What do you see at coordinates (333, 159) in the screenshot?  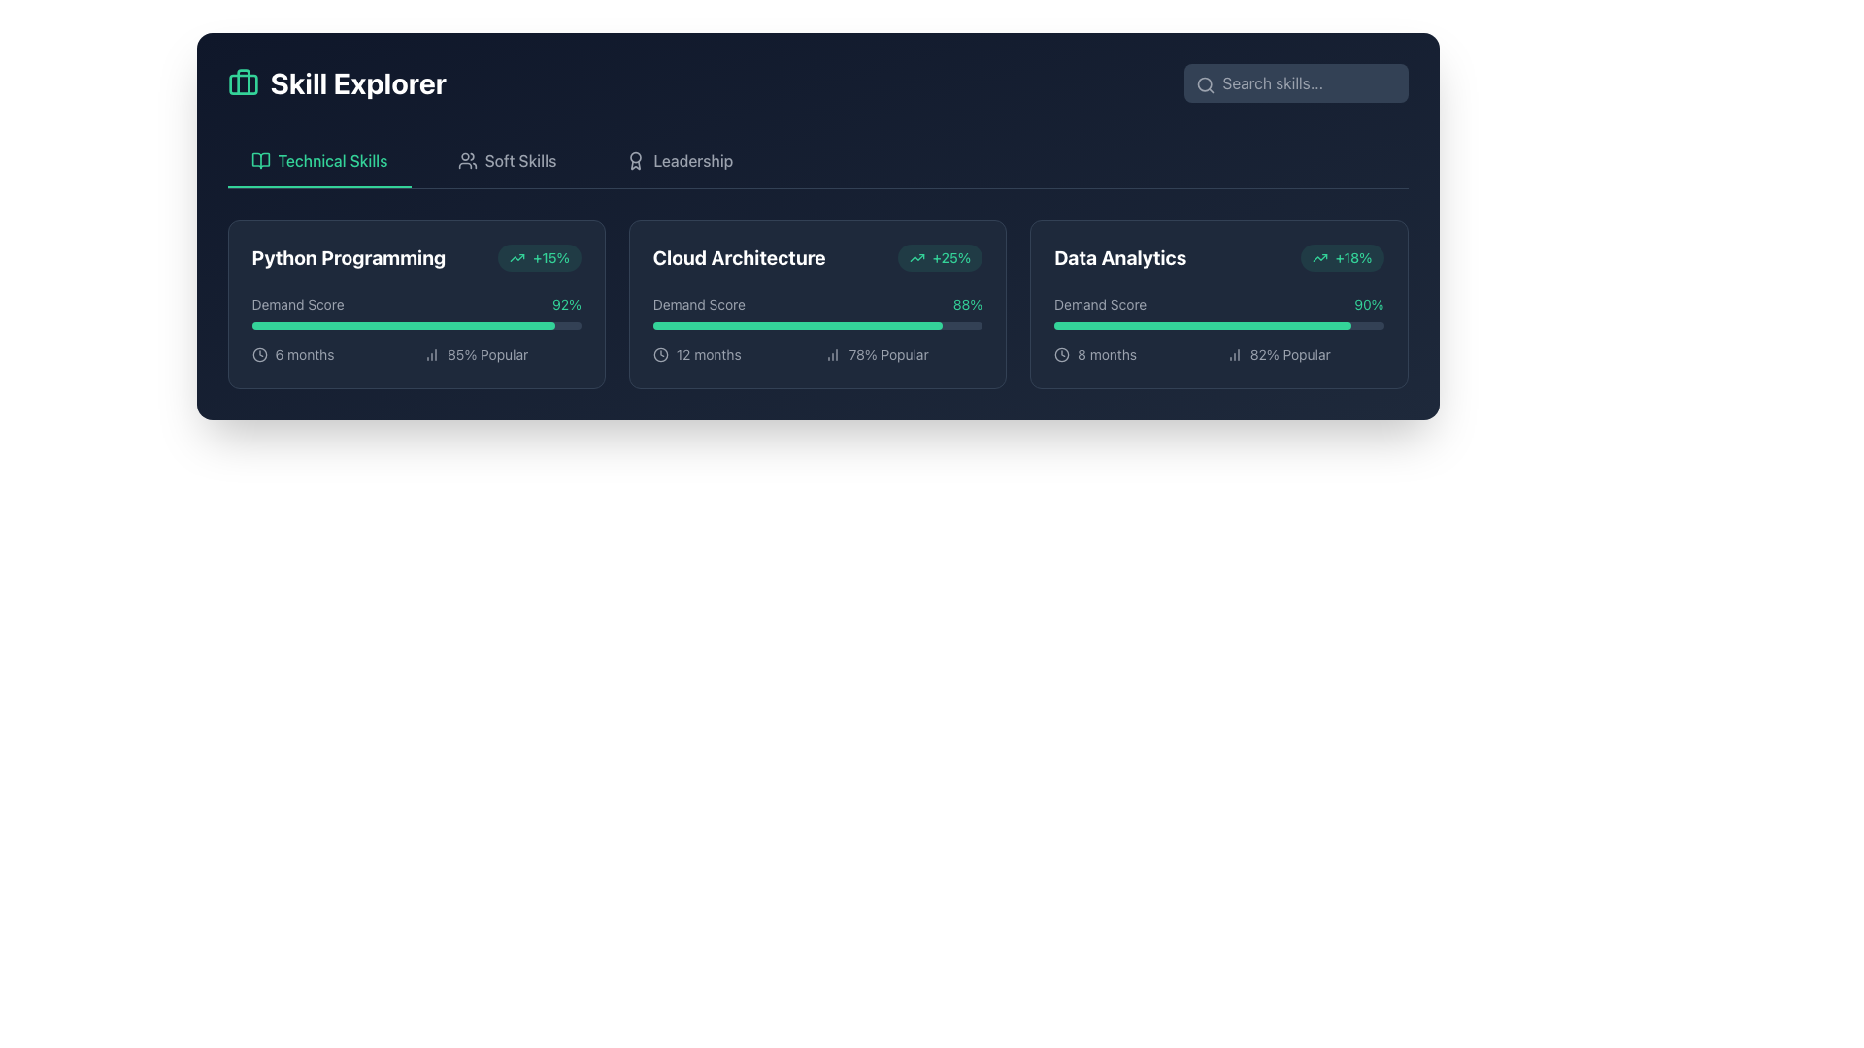 I see `the 'Technical Skills' text label located in the upper-left portion of the interface under the 'Skill Explorer' heading, which is the third item in a horizontal menu` at bounding box center [333, 159].